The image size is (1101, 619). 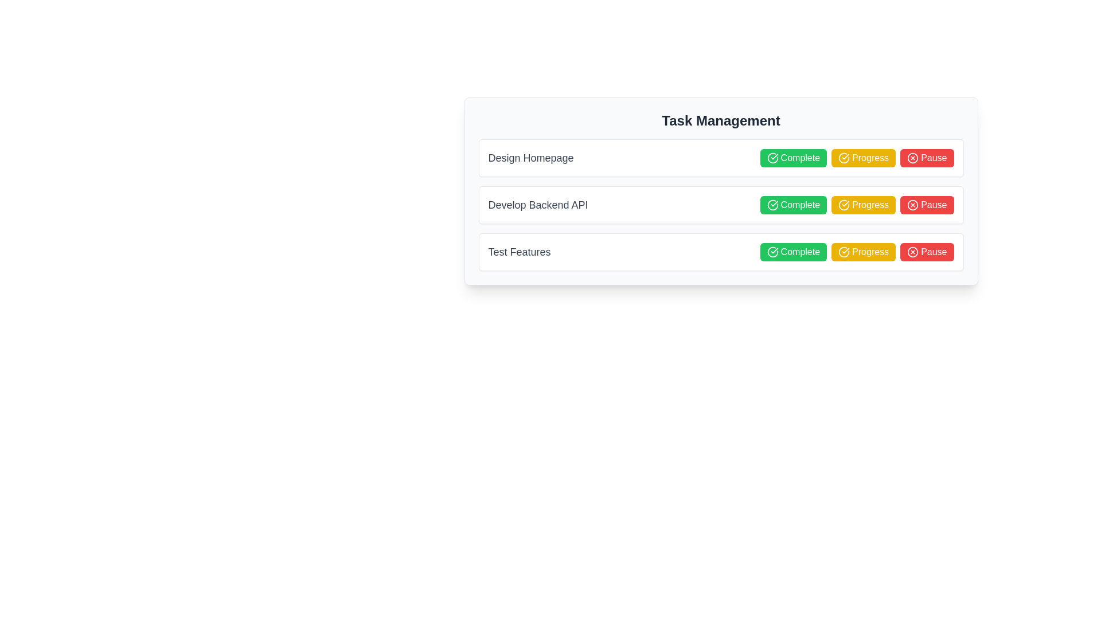 What do you see at coordinates (792, 251) in the screenshot?
I see `the 'Complete' button with a green background and white text in the 'Test Features' row to mark the task as complete` at bounding box center [792, 251].